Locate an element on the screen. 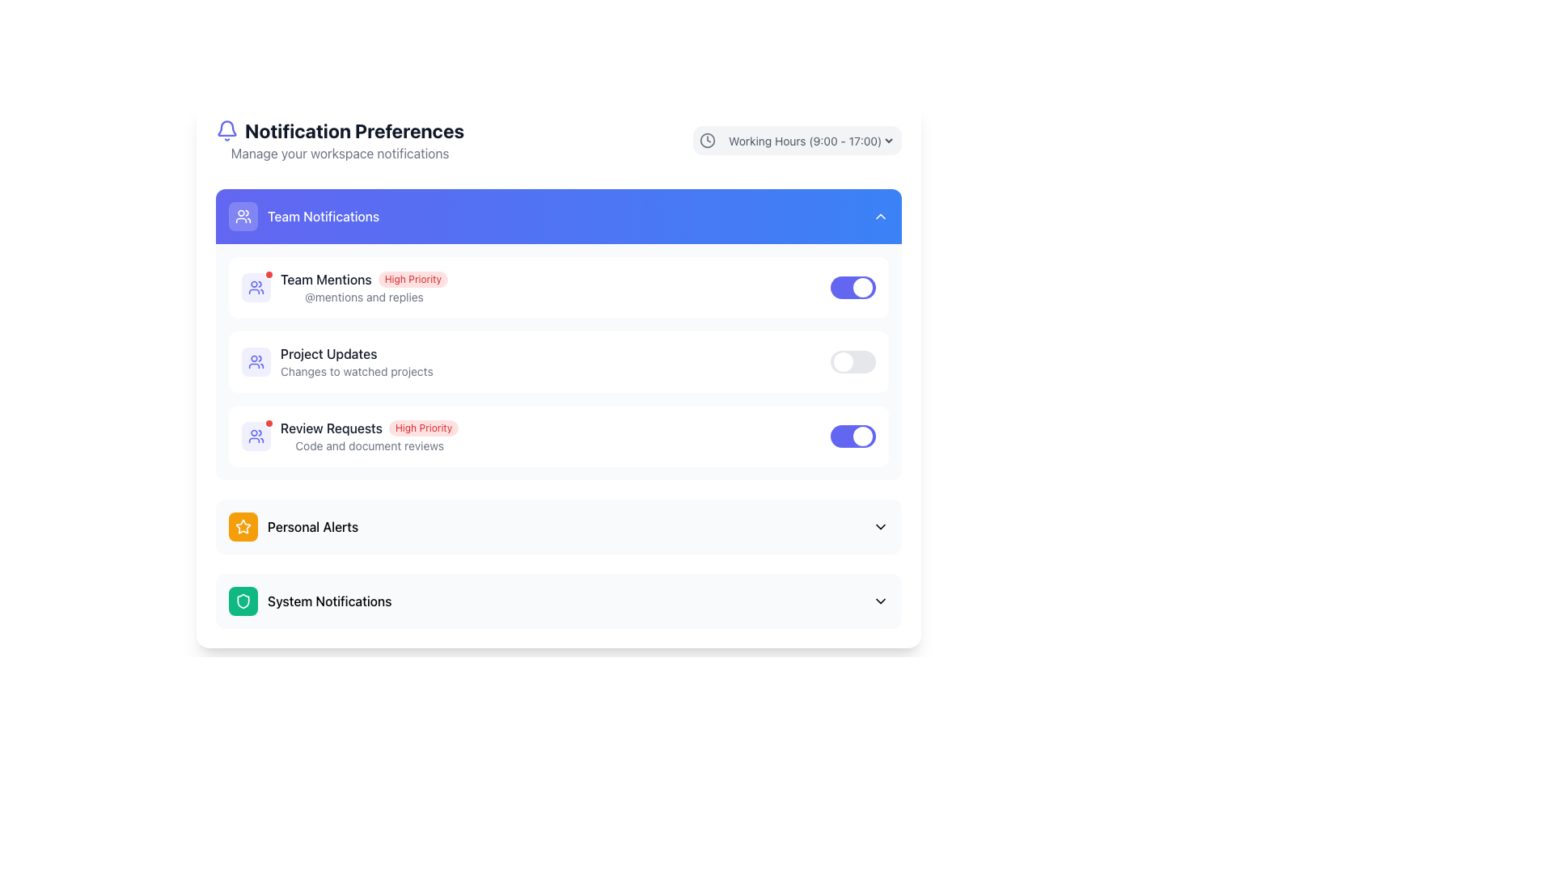 This screenshot has height=873, width=1553. the toggle icon located on the far right side of the 'Personal Alerts' section header is located at coordinates (880, 526).